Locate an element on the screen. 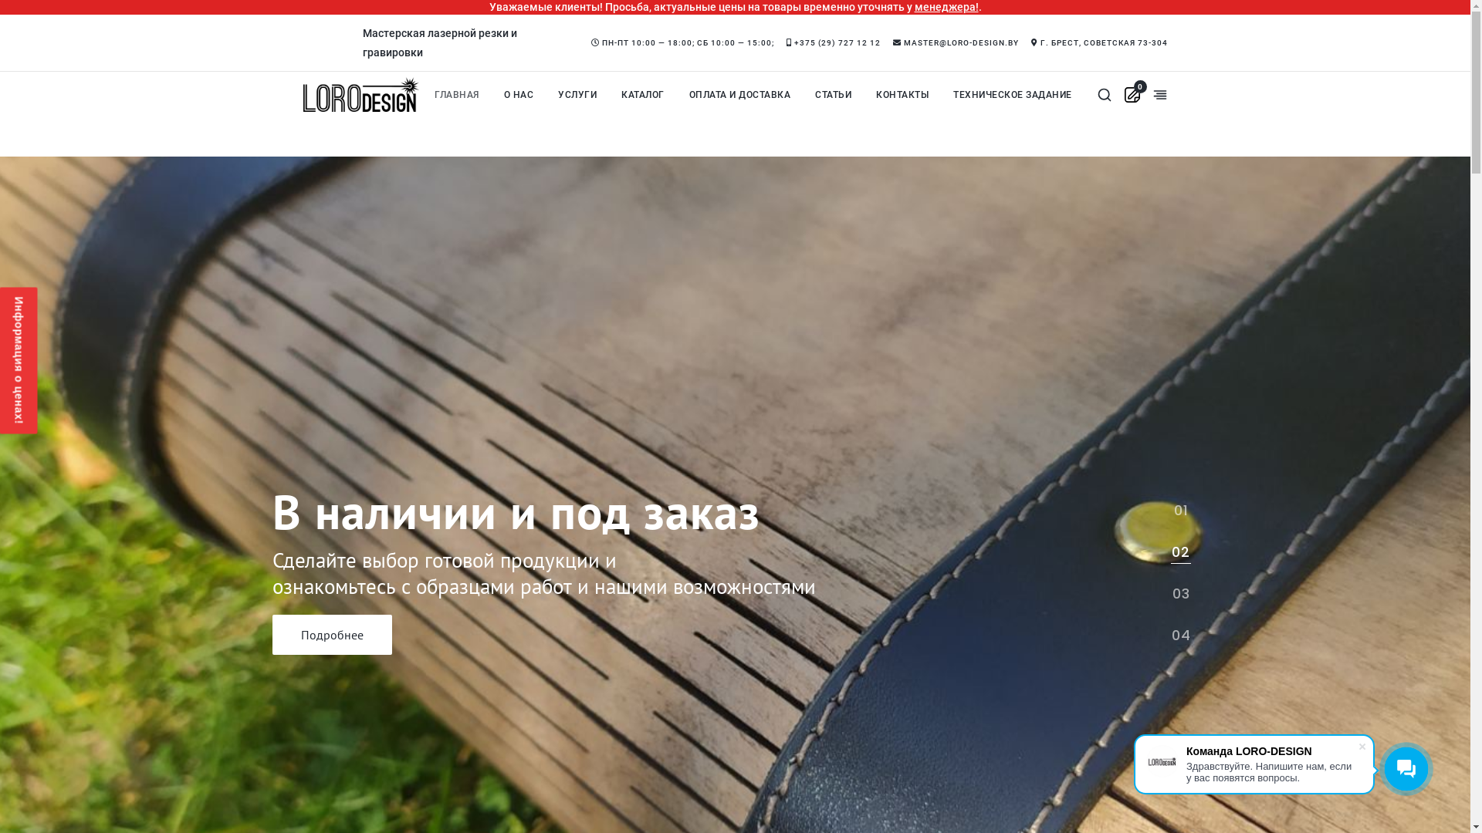 This screenshot has width=1482, height=833. '0' is located at coordinates (1132, 94).